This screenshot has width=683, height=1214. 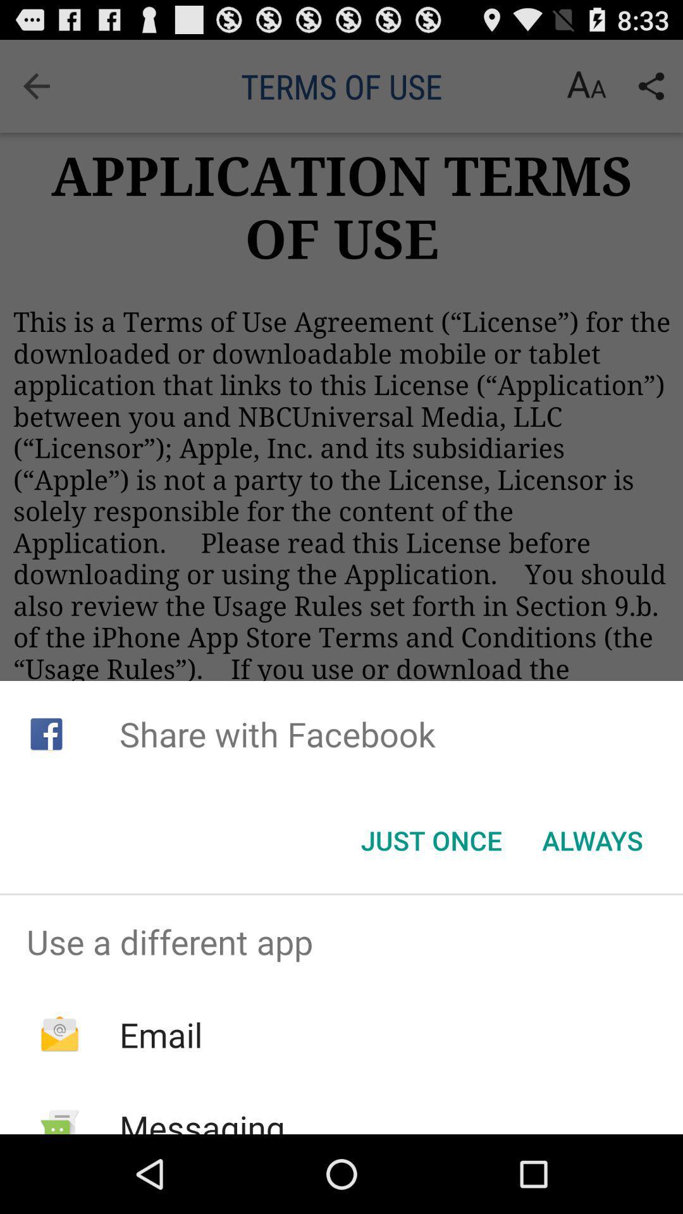 I want to click on use a different, so click(x=341, y=941).